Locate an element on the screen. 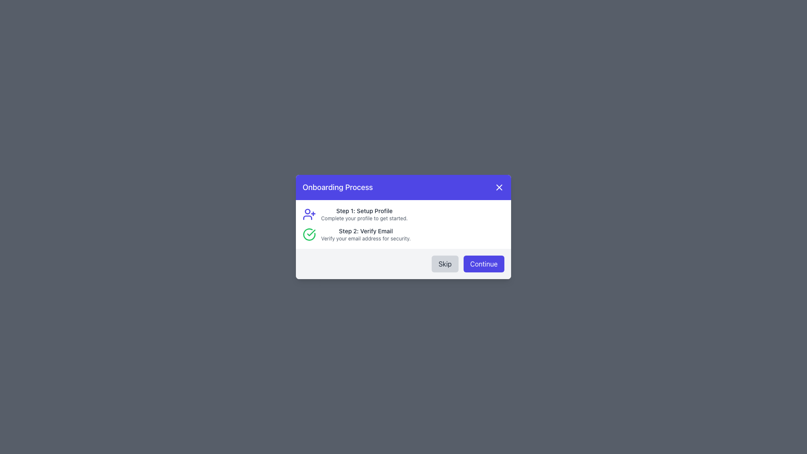 This screenshot has height=454, width=807. descriptive text of the Text block titled 'Step 1: Setup Profile' in the modal dialog 'Onboarding Process' is located at coordinates (364, 214).